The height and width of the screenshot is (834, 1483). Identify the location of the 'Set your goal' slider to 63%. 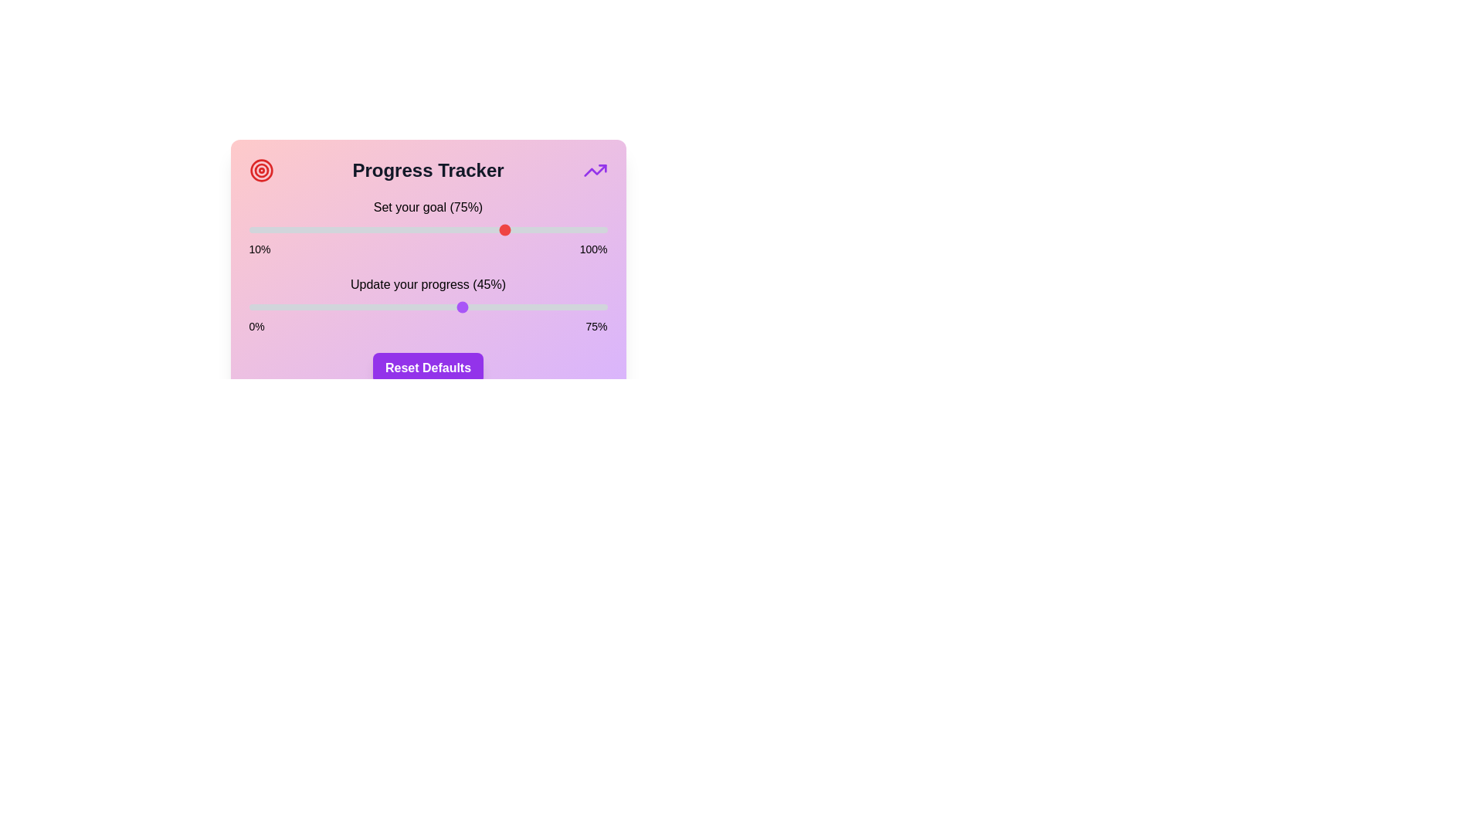
(459, 229).